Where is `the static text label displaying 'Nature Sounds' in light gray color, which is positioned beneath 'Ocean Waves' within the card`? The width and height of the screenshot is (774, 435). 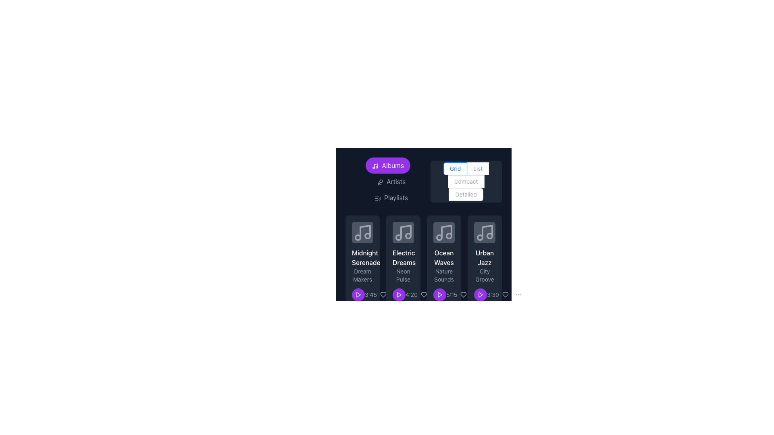 the static text label displaying 'Nature Sounds' in light gray color, which is positioned beneath 'Ocean Waves' within the card is located at coordinates (443, 275).